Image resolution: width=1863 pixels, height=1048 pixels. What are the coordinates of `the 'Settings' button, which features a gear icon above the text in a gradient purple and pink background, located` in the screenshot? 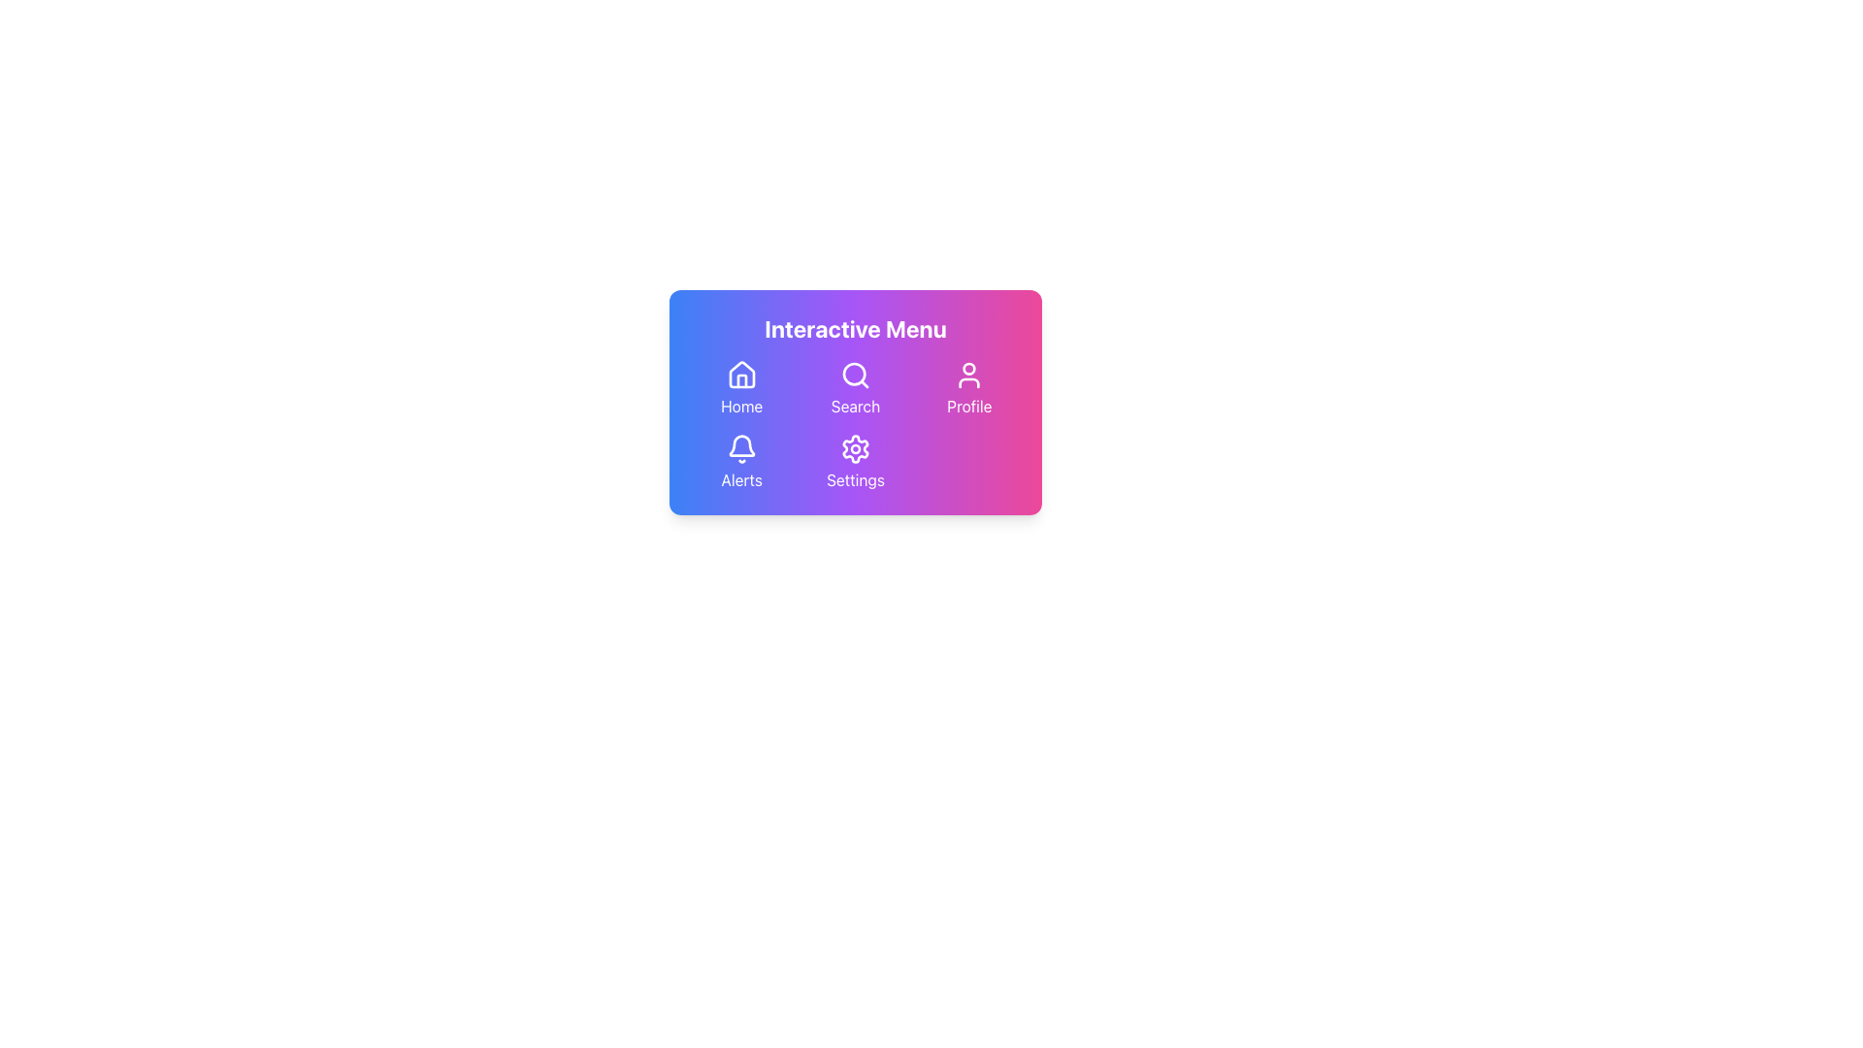 It's located at (855, 463).